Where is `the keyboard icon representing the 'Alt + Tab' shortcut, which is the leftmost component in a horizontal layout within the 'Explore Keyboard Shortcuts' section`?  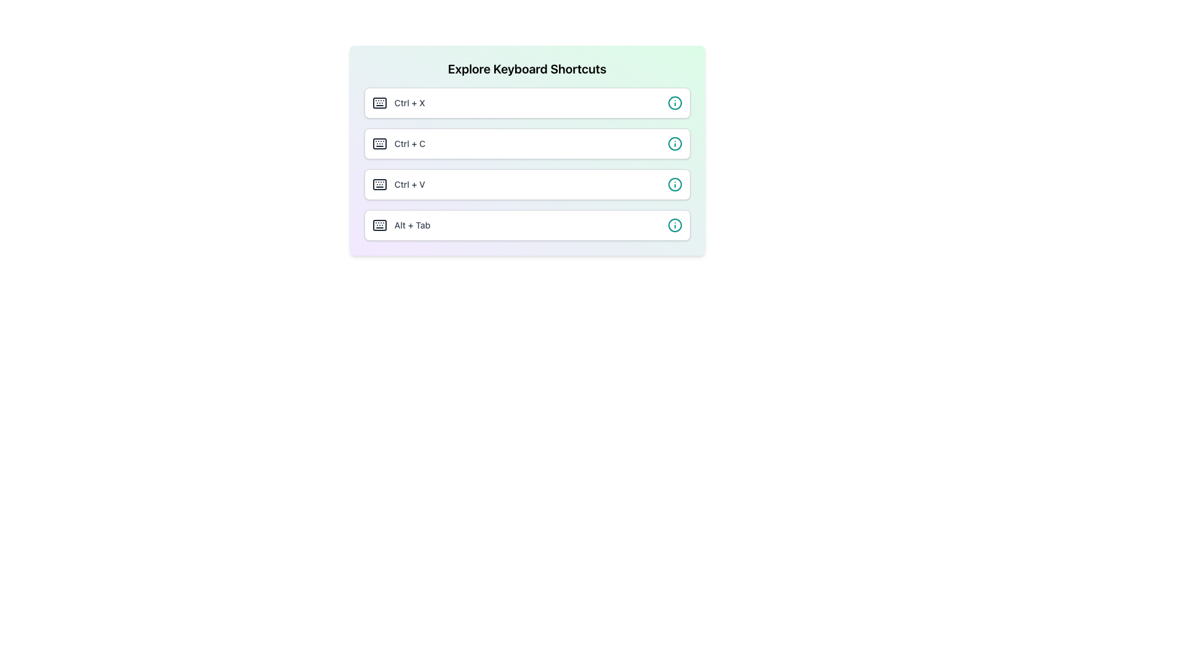
the keyboard icon representing the 'Alt + Tab' shortcut, which is the leftmost component in a horizontal layout within the 'Explore Keyboard Shortcuts' section is located at coordinates (379, 225).